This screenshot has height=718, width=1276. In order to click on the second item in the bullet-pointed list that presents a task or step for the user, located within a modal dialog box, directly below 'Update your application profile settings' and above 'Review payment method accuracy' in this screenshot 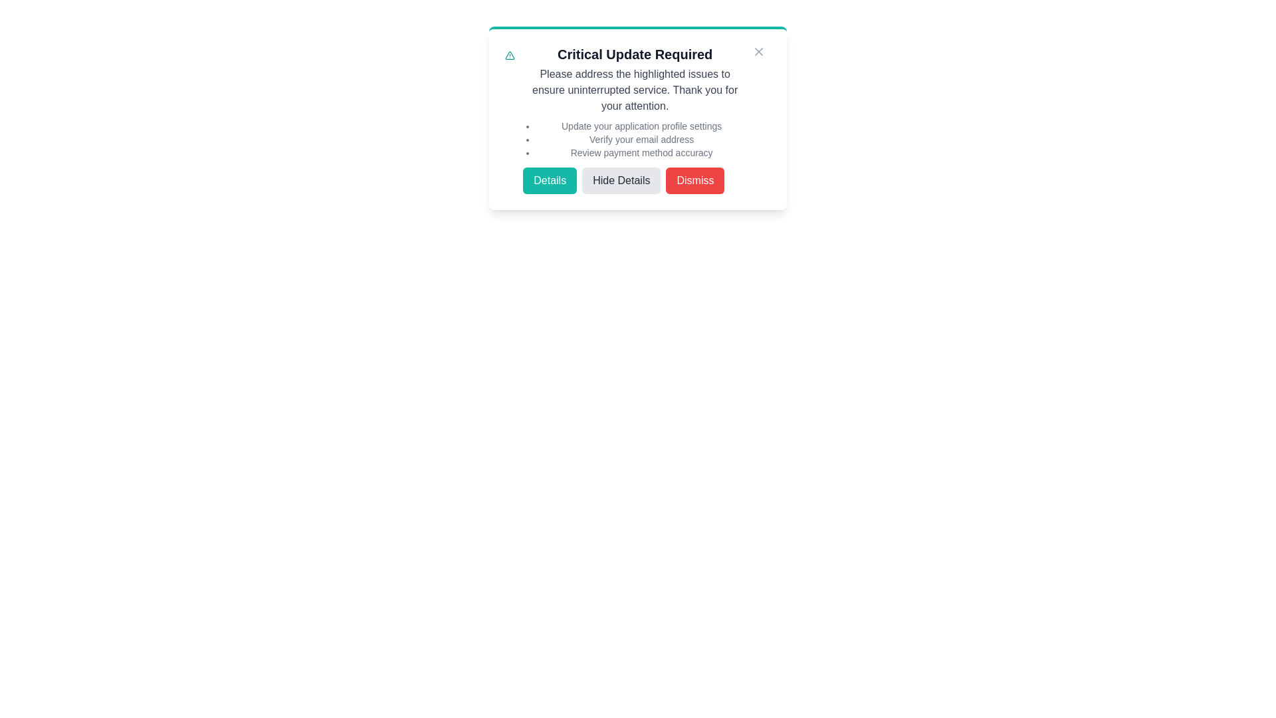, I will do `click(641, 139)`.